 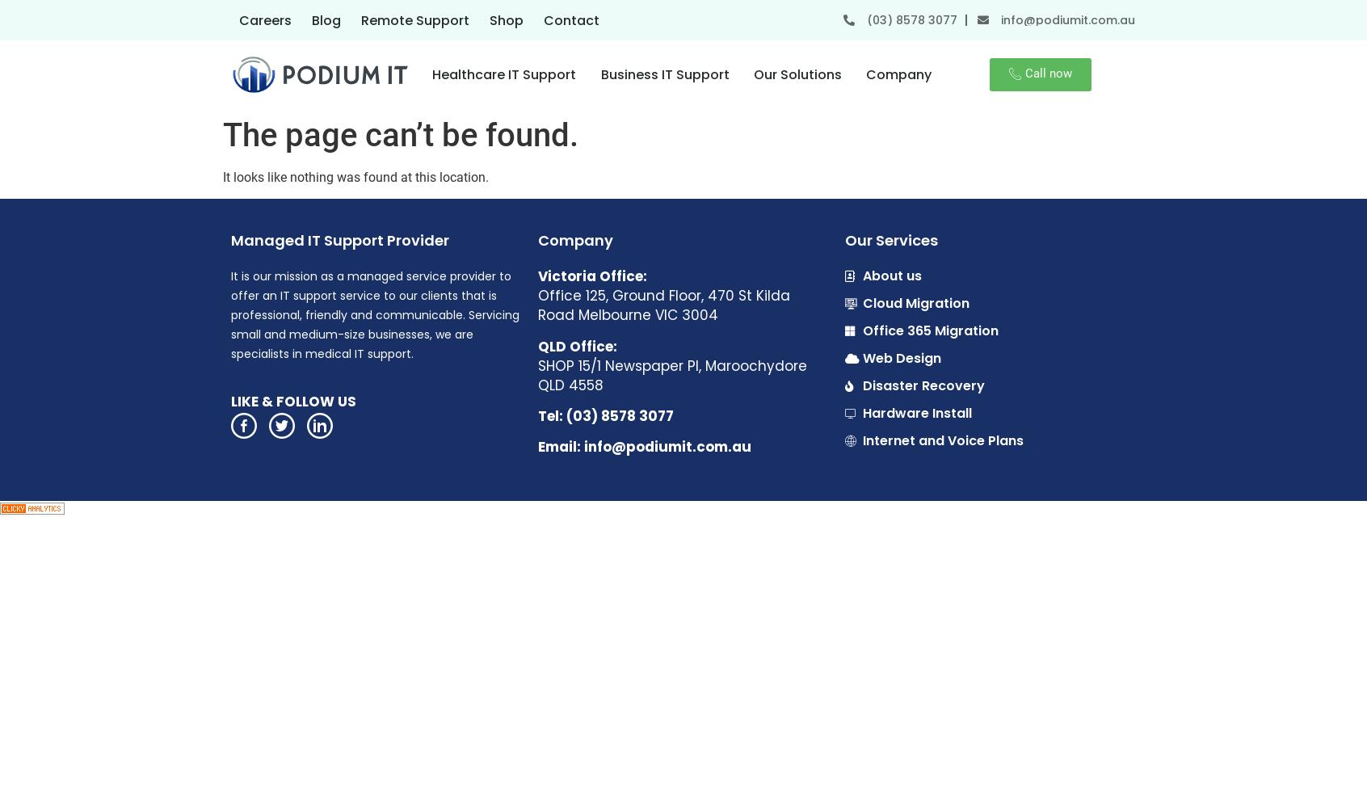 What do you see at coordinates (892, 275) in the screenshot?
I see `'About us'` at bounding box center [892, 275].